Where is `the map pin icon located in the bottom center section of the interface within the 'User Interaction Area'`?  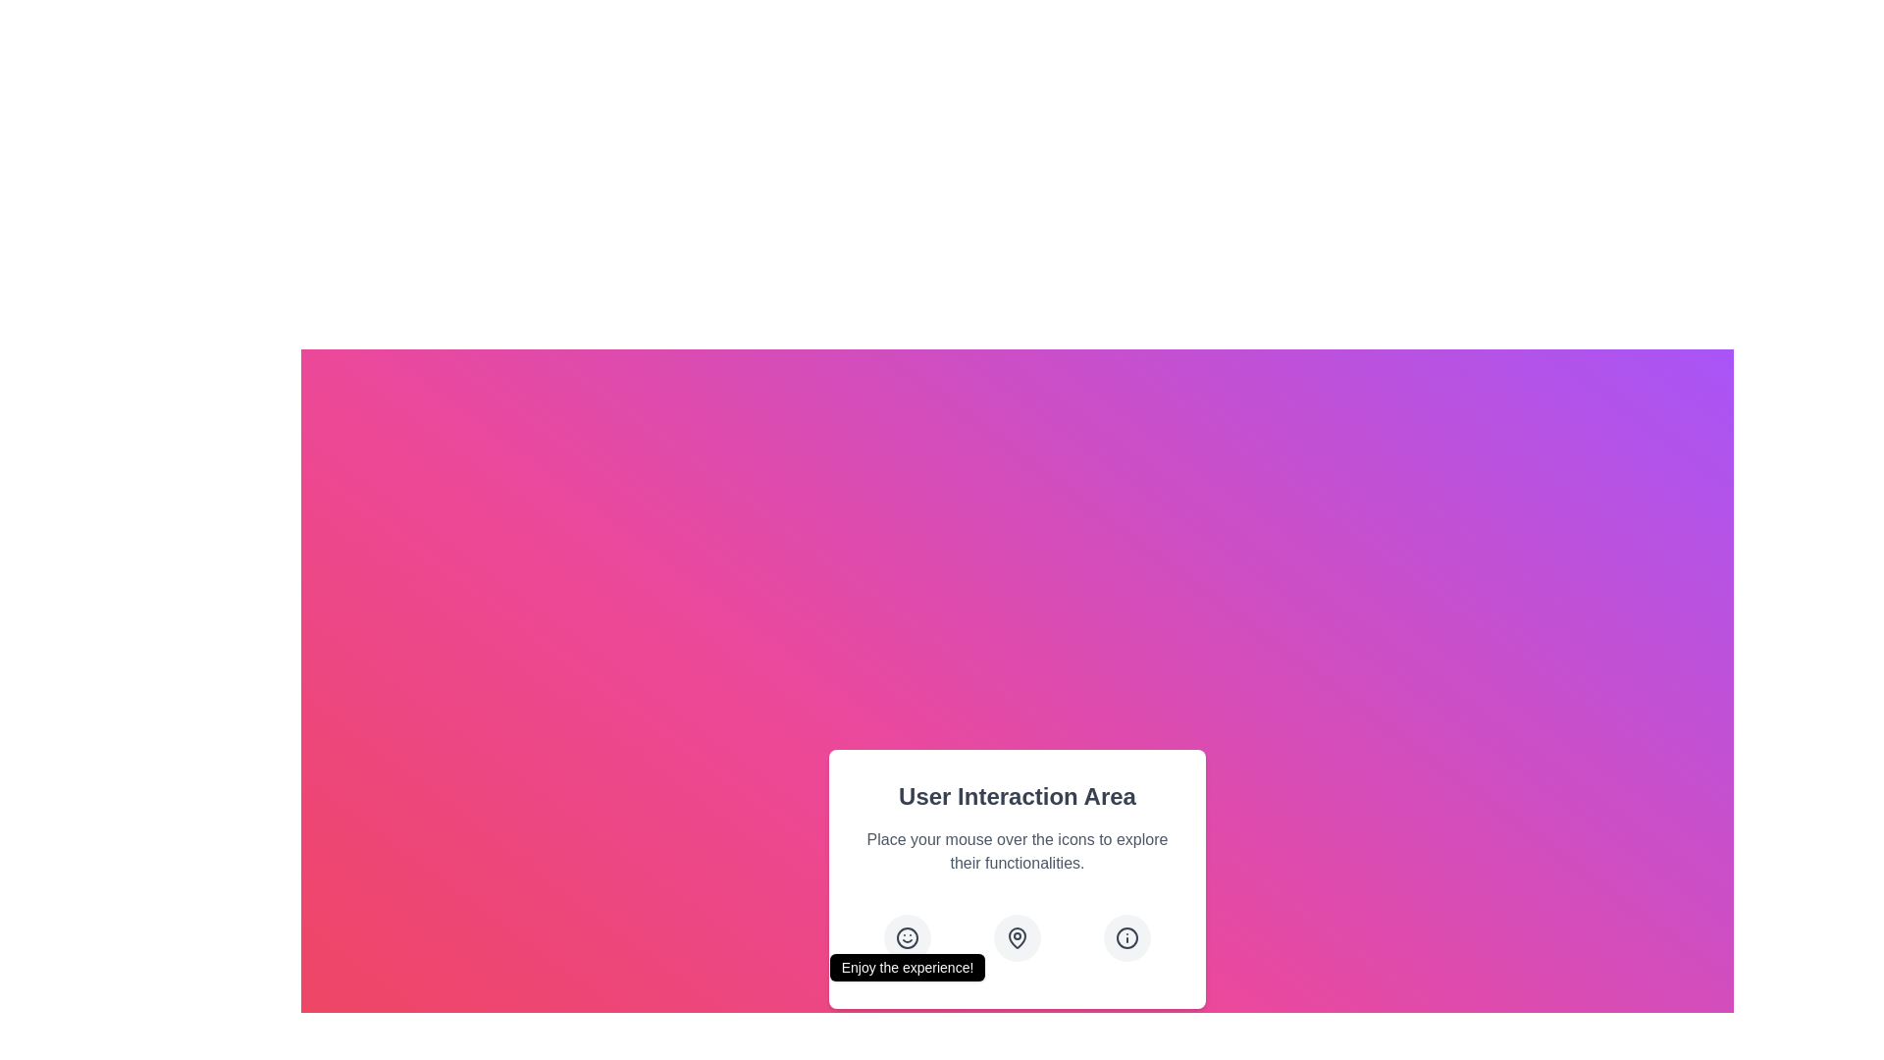 the map pin icon located in the bottom center section of the interface within the 'User Interaction Area' is located at coordinates (1017, 936).